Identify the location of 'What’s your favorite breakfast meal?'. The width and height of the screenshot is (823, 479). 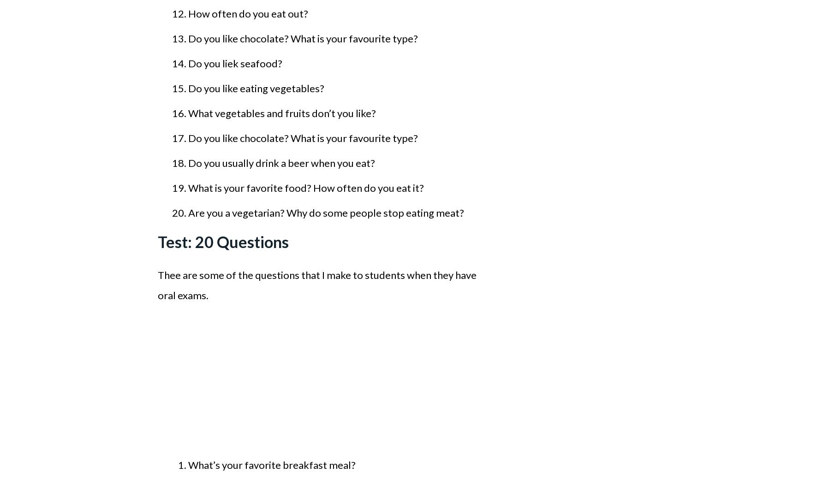
(271, 465).